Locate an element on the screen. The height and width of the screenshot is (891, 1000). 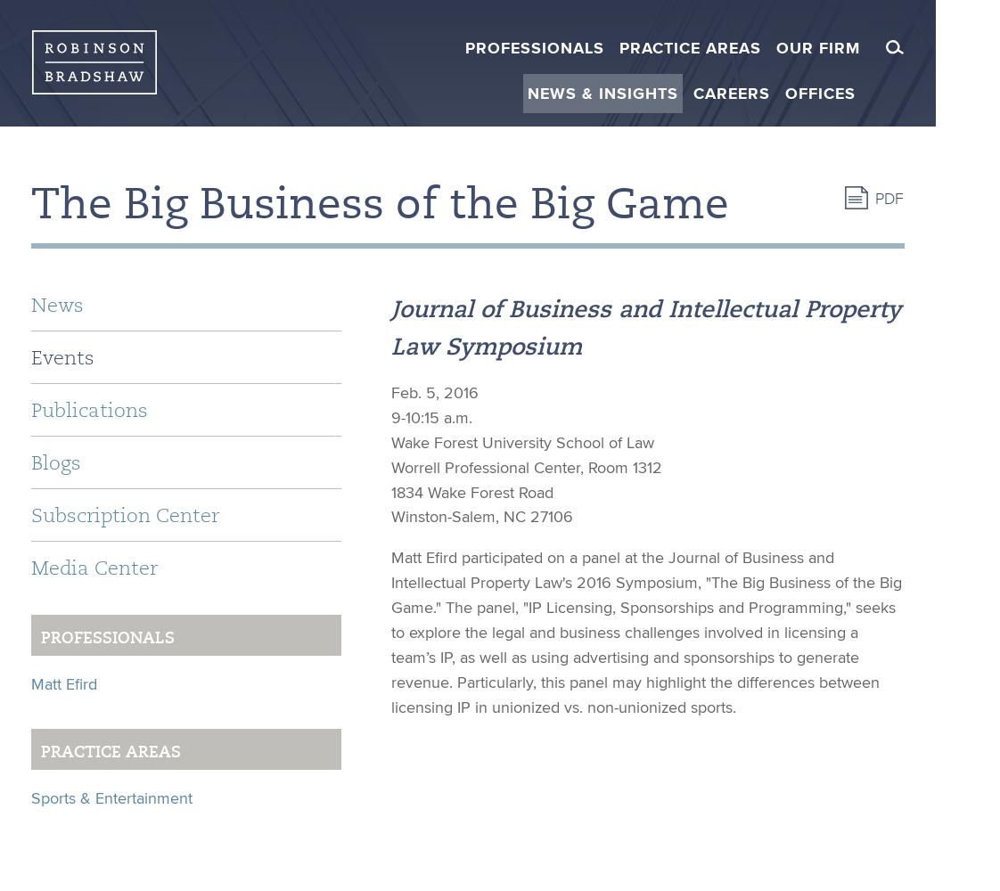
'Journal of Business and Intellectual Property Law Symposium' is located at coordinates (645, 326).